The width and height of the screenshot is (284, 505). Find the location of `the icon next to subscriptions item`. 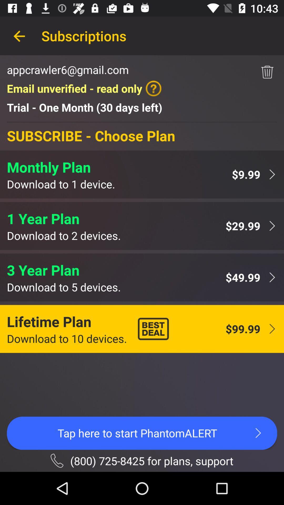

the icon next to subscriptions item is located at coordinates (19, 36).